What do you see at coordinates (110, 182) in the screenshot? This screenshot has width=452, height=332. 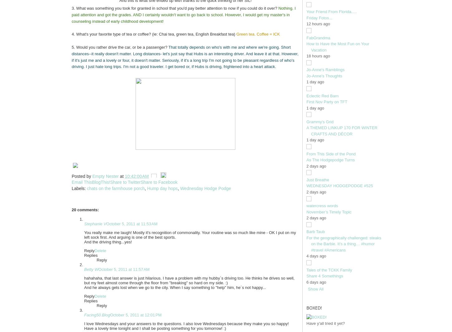 I see `'Share to Twitter'` at bounding box center [110, 182].